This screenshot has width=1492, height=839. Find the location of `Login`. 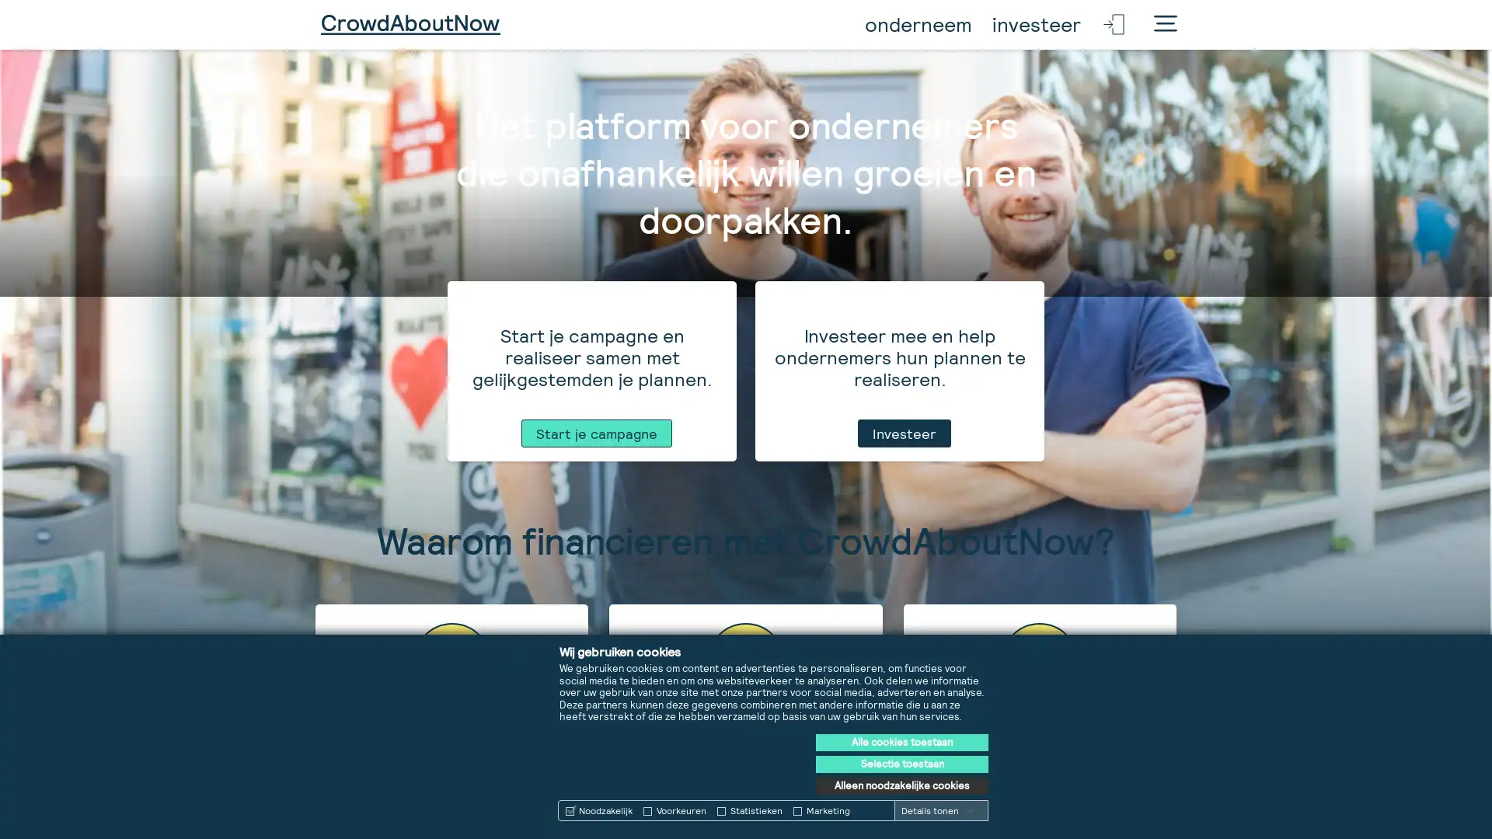

Login is located at coordinates (1114, 24).